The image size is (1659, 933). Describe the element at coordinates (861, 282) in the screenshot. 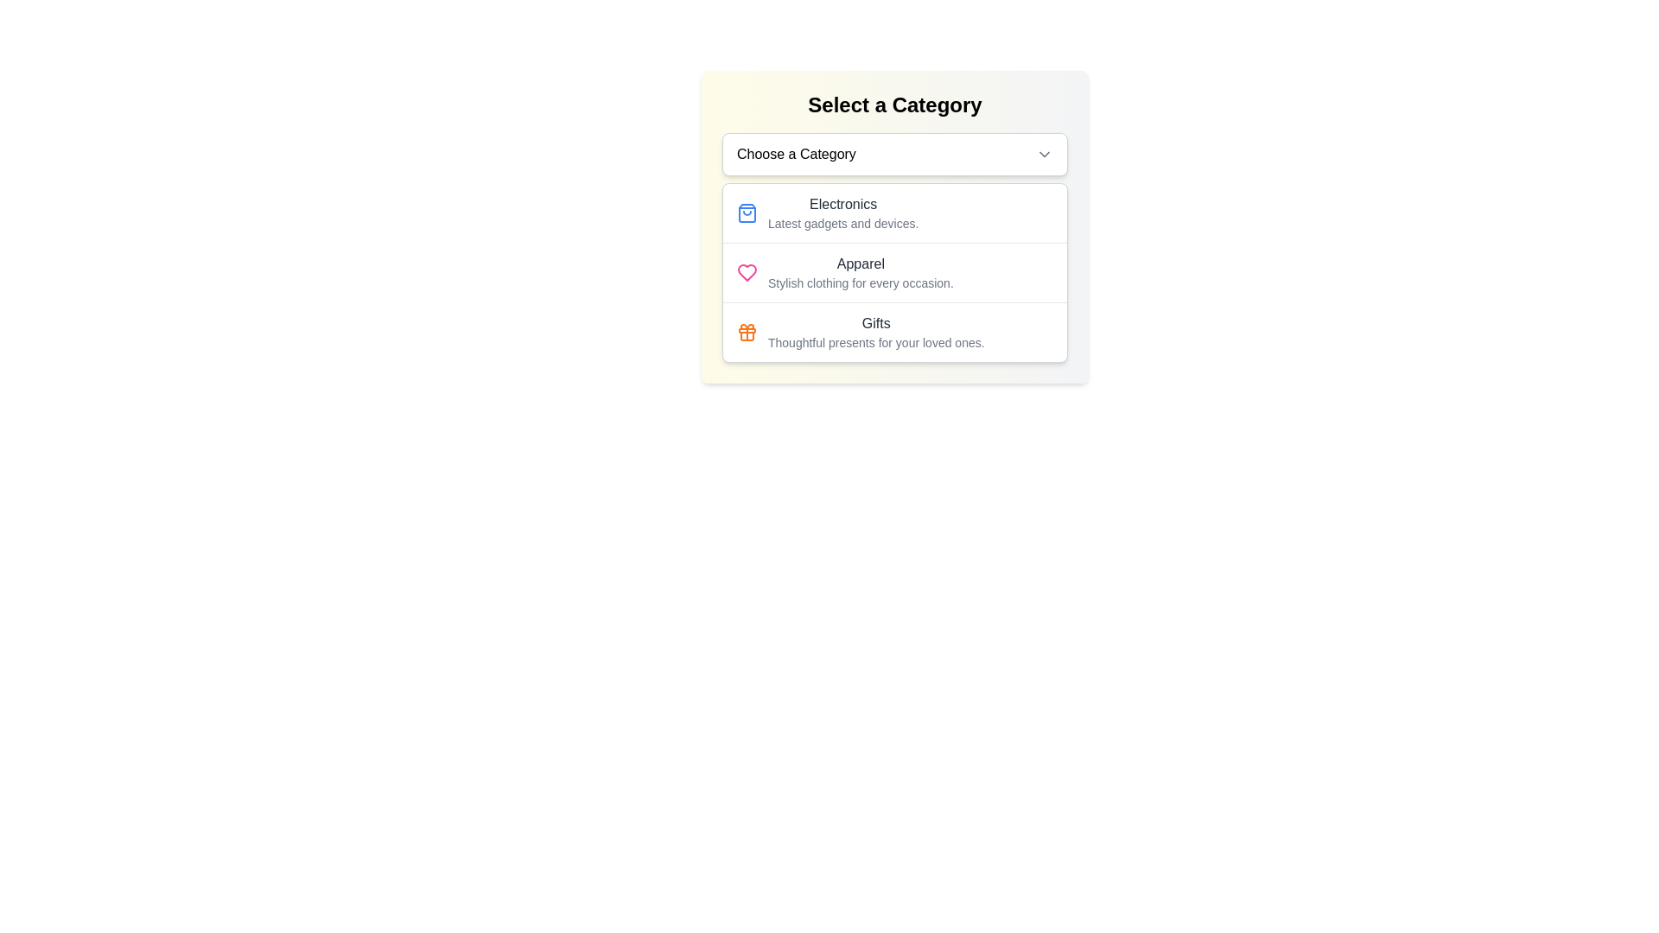

I see `the secondary text description for the 'Apparel' category` at that location.